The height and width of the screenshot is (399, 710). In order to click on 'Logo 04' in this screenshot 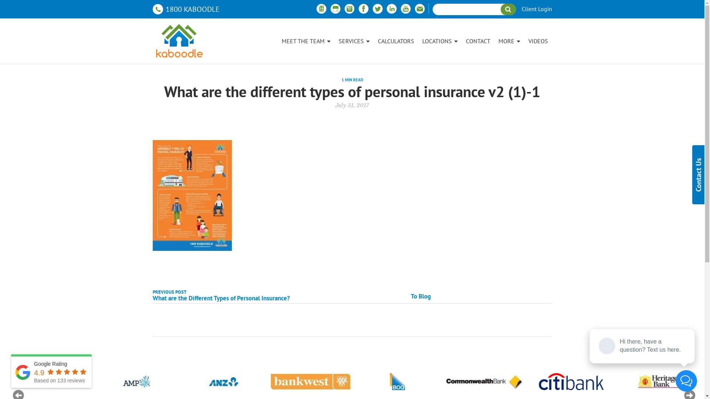, I will do `click(204, 382)`.